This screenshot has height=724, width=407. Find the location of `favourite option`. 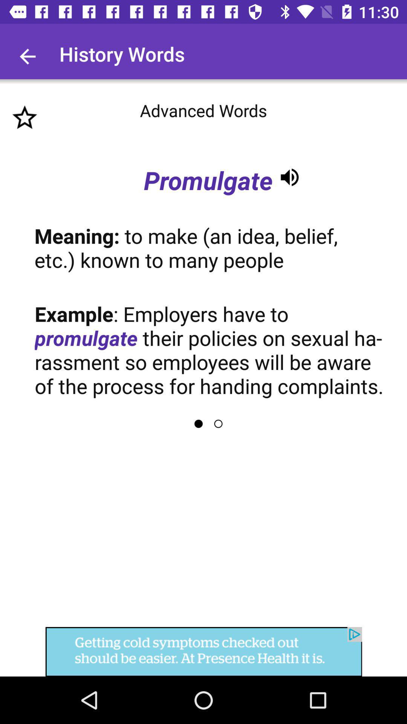

favourite option is located at coordinates (24, 117).